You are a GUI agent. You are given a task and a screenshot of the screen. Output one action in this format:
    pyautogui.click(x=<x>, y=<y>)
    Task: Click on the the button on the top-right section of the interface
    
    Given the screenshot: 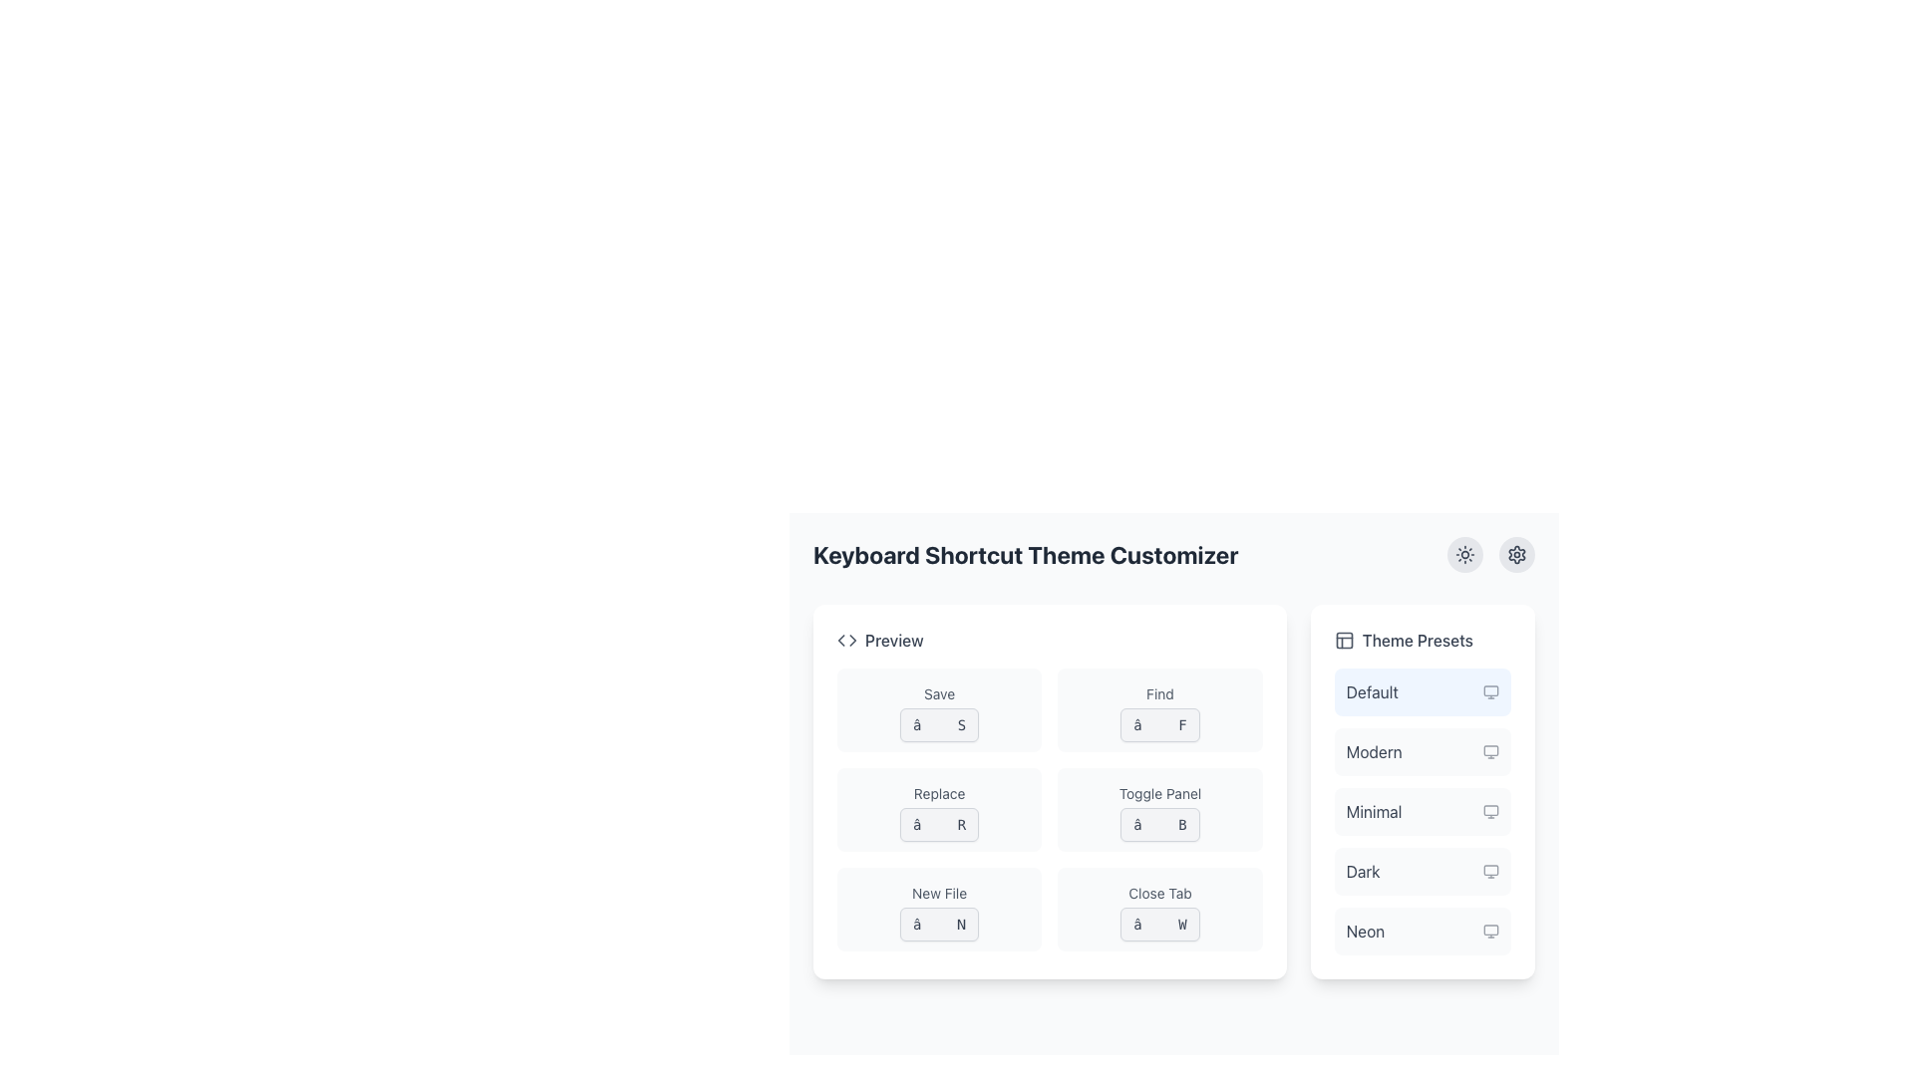 What is the action you would take?
    pyautogui.click(x=1464, y=554)
    